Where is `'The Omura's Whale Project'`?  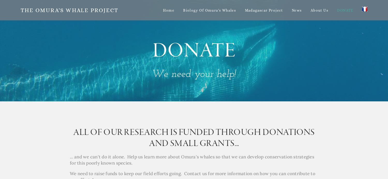
'The Omura's Whale Project' is located at coordinates (69, 10).